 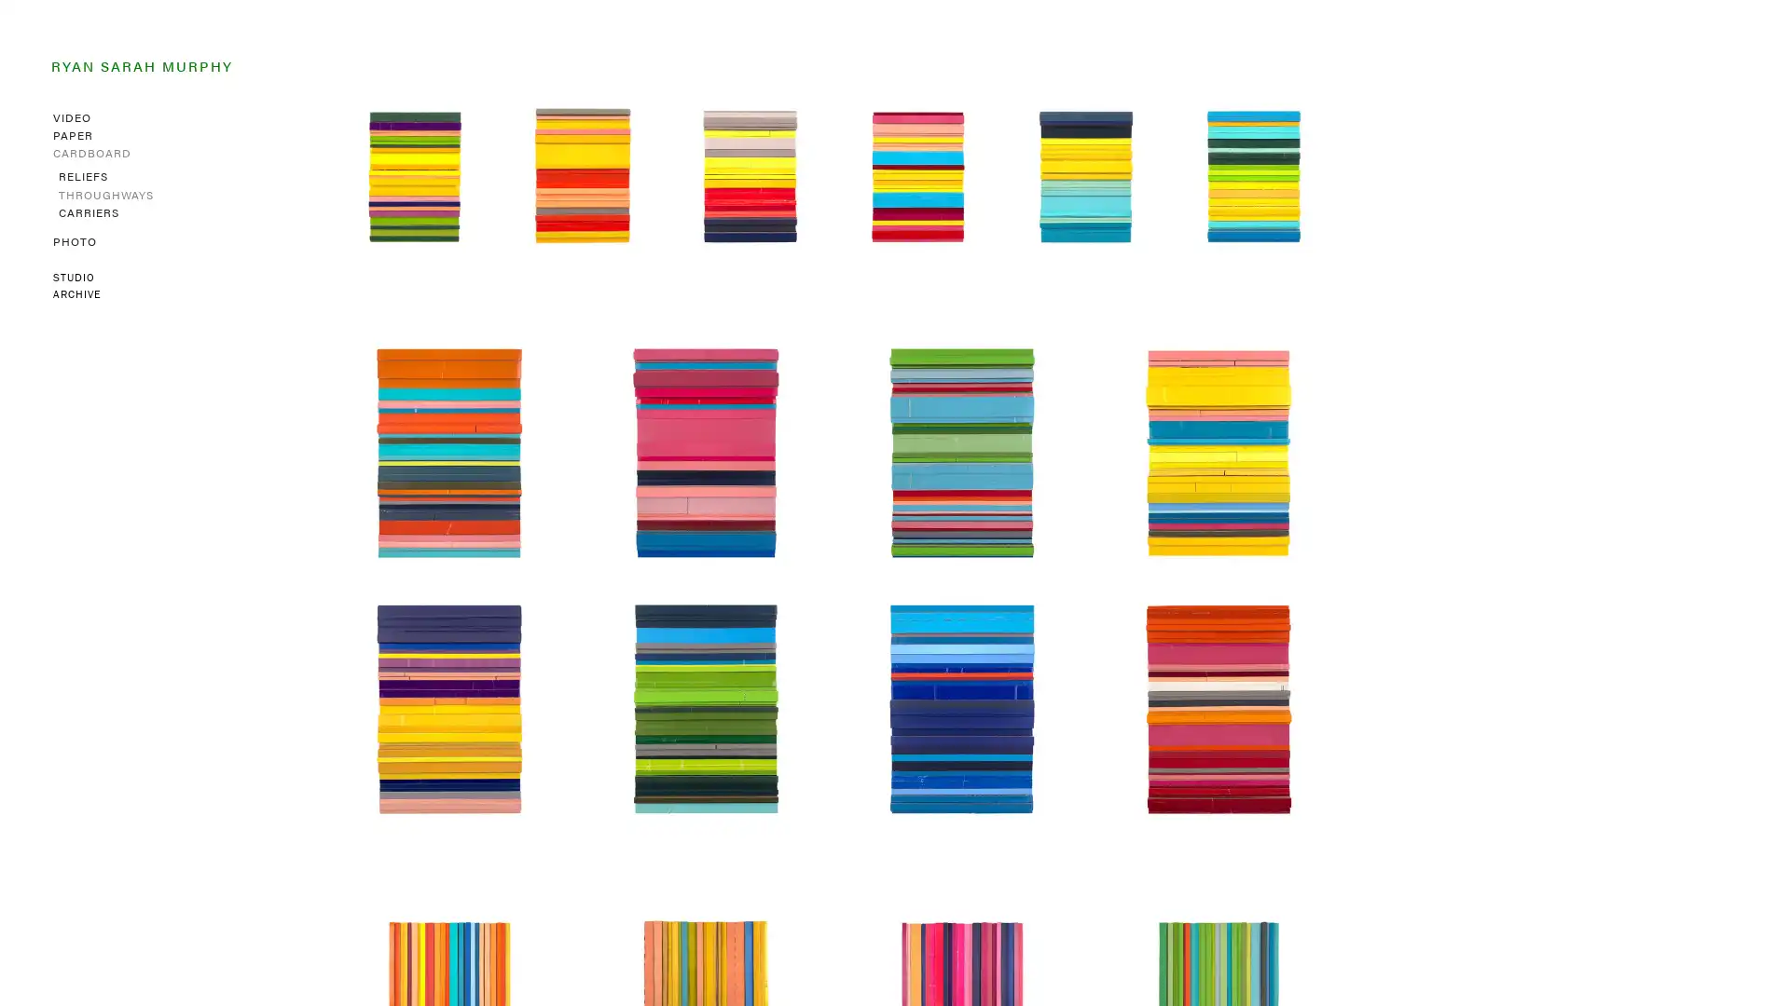 I want to click on View fullsize Throughway (yellow line) - Carry , 2021 found (unpainted) cardboard 6 x 4 inches INQUIRE, so click(x=581, y=176).